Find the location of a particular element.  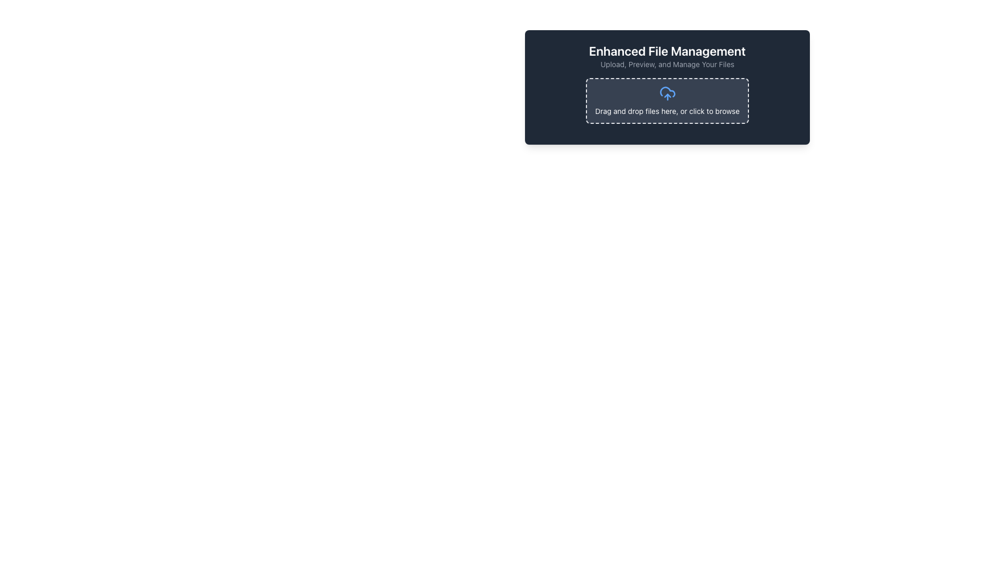

the Text Label element that reads 'Upload, Preview, and Manage Your Files', which is styled in a small gray font and positioned underneath the header 'Enhanced File Management' is located at coordinates (667, 64).